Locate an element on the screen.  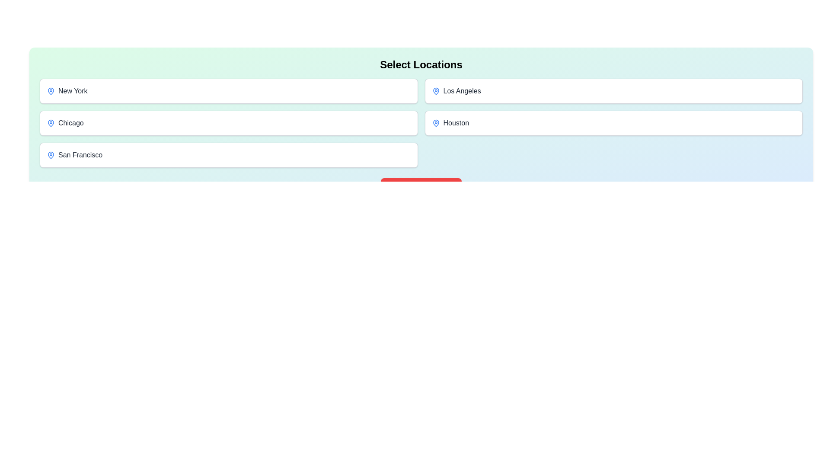
the button corresponding to the location Los Angeles is located at coordinates (613, 91).